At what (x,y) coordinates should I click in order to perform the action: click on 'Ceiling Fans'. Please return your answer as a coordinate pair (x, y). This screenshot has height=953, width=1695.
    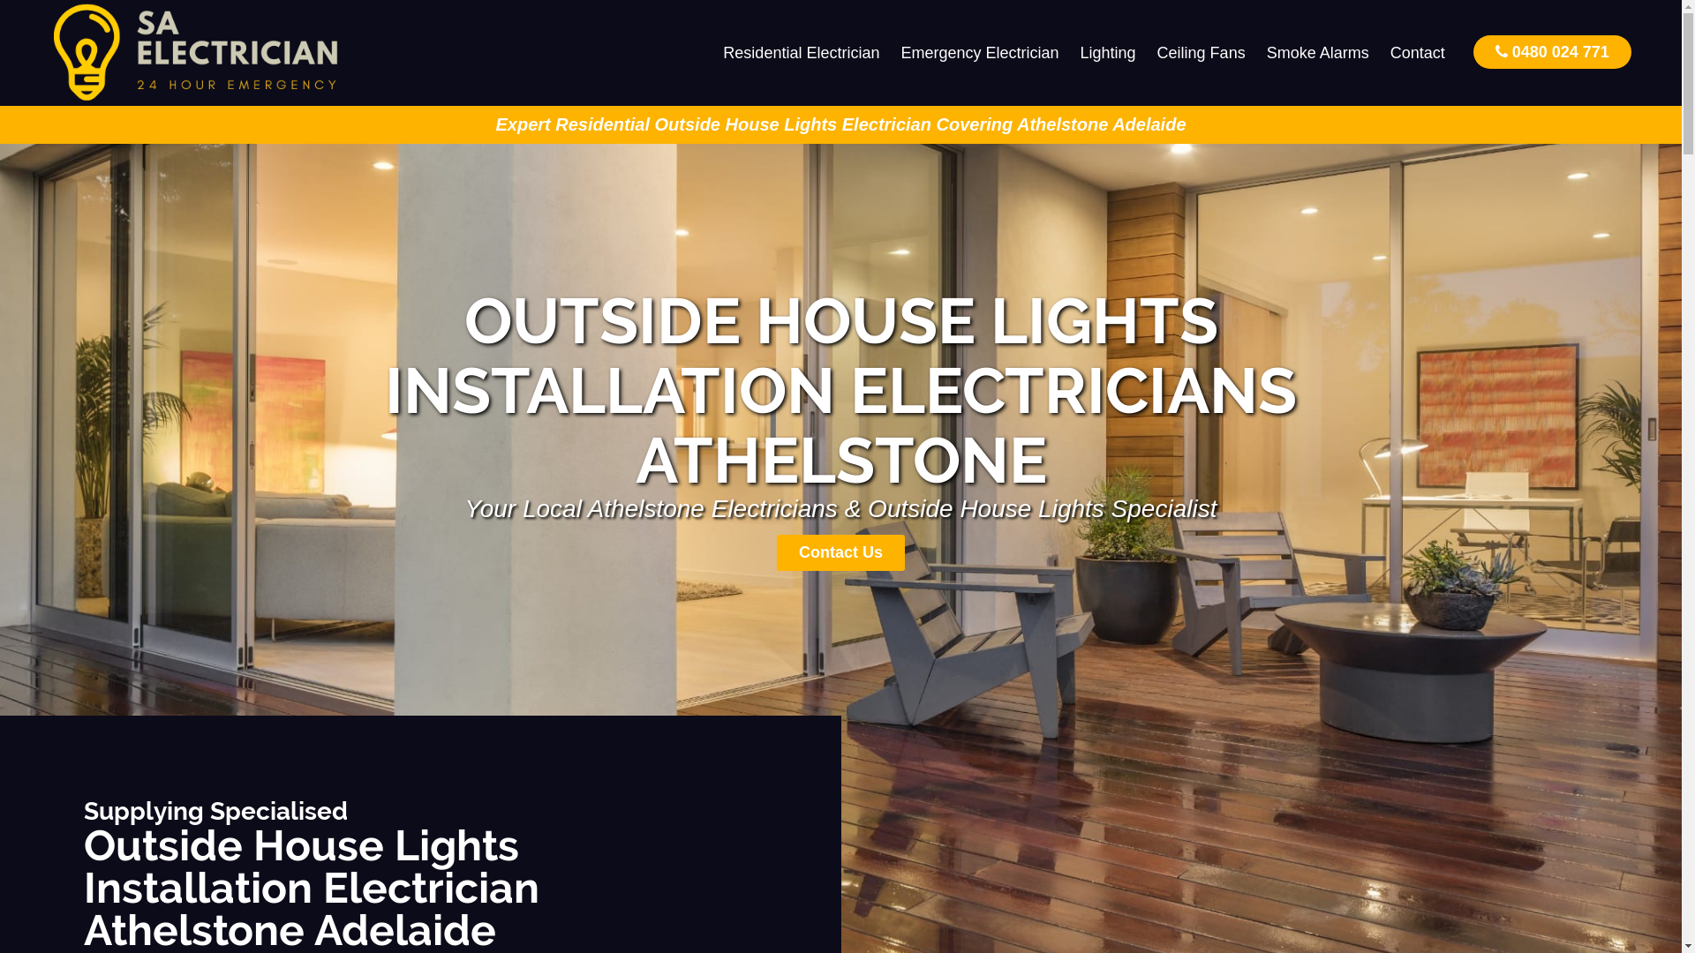
    Looking at the image, I should click on (1201, 52).